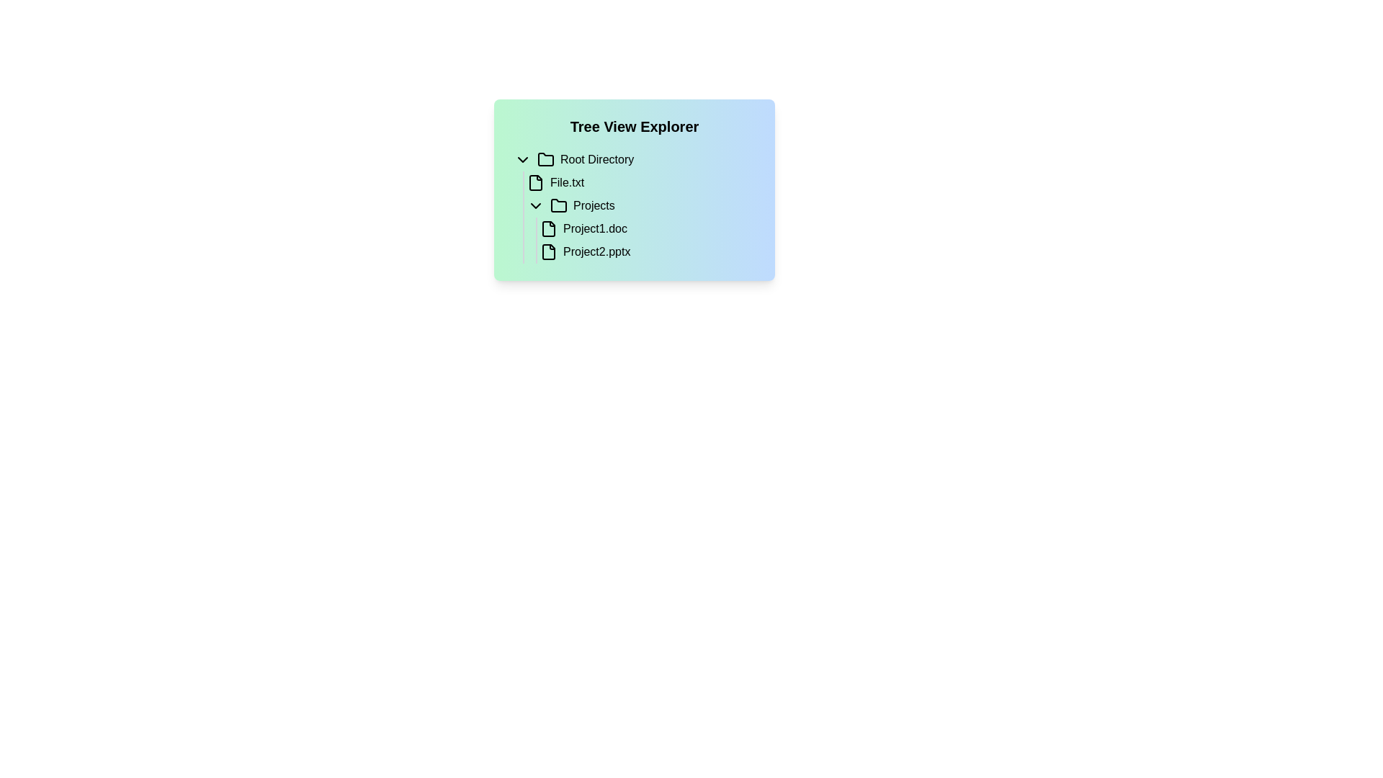 The width and height of the screenshot is (1383, 778). Describe the element at coordinates (535, 182) in the screenshot. I see `the icon representing the file entity named 'File.txt'` at that location.